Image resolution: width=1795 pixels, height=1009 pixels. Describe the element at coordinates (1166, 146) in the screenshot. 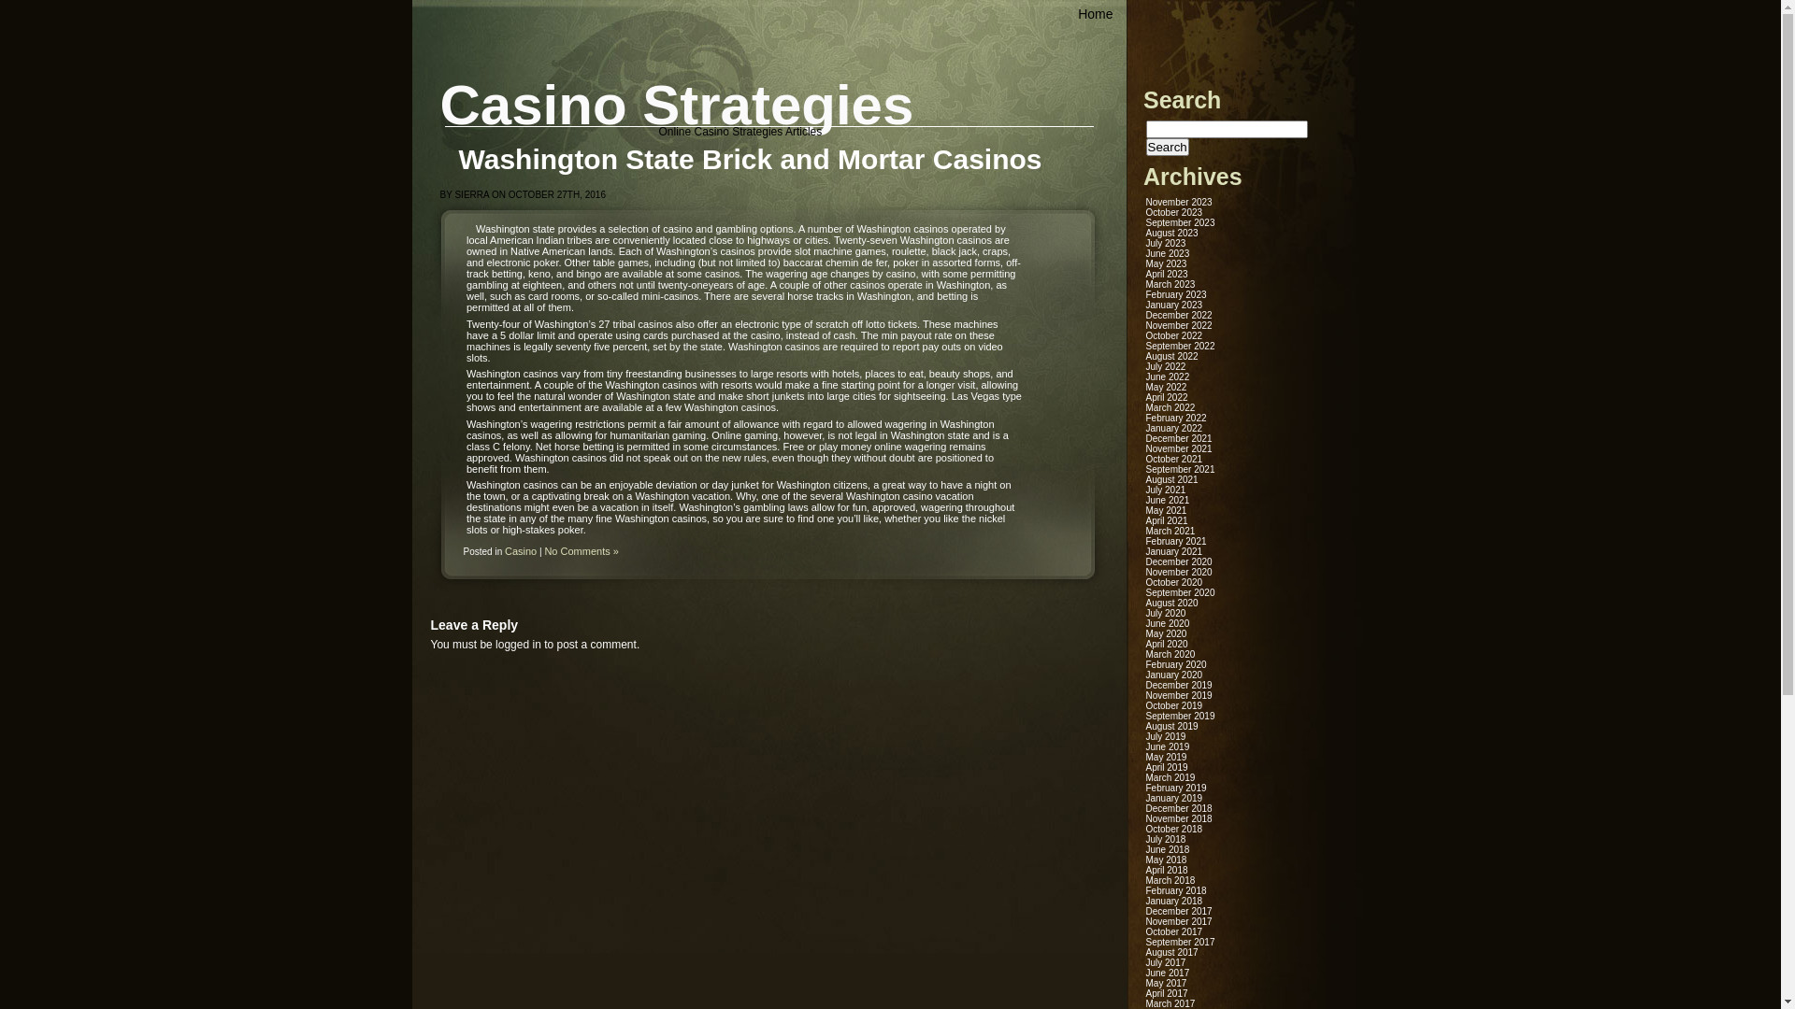

I see `'Search'` at that location.